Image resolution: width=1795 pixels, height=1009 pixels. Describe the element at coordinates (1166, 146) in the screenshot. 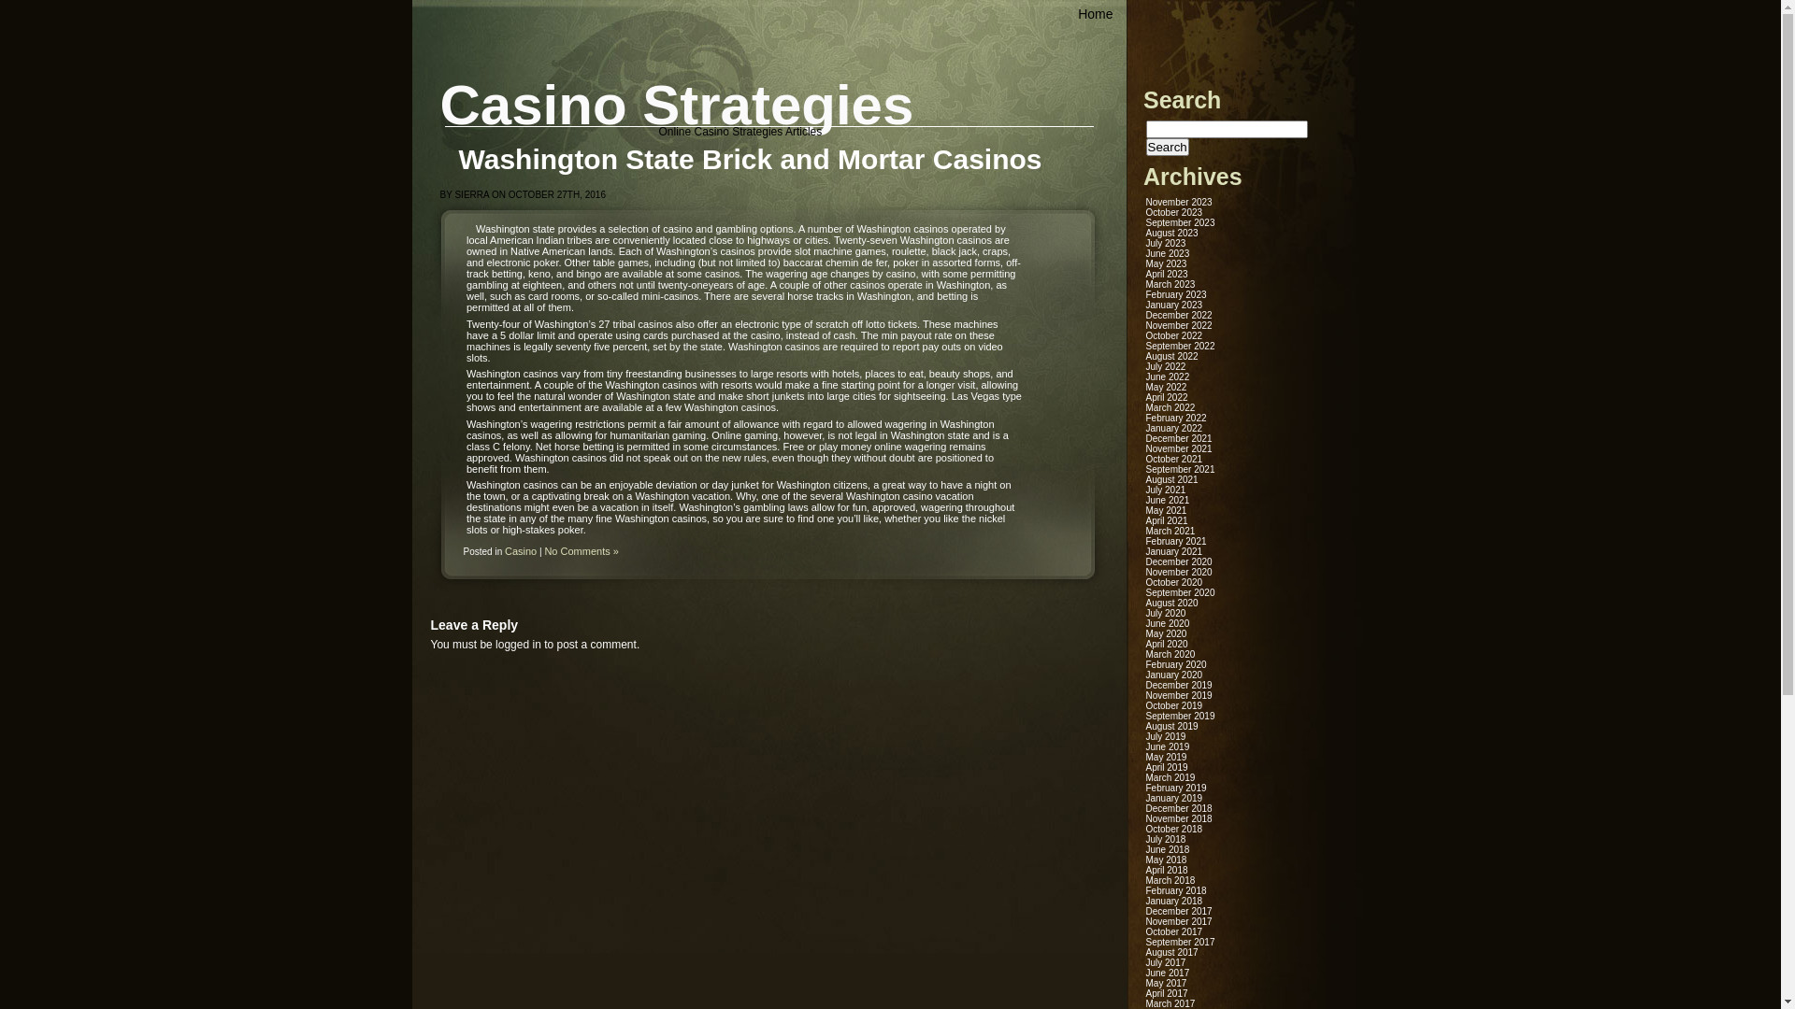

I see `'Search'` at that location.